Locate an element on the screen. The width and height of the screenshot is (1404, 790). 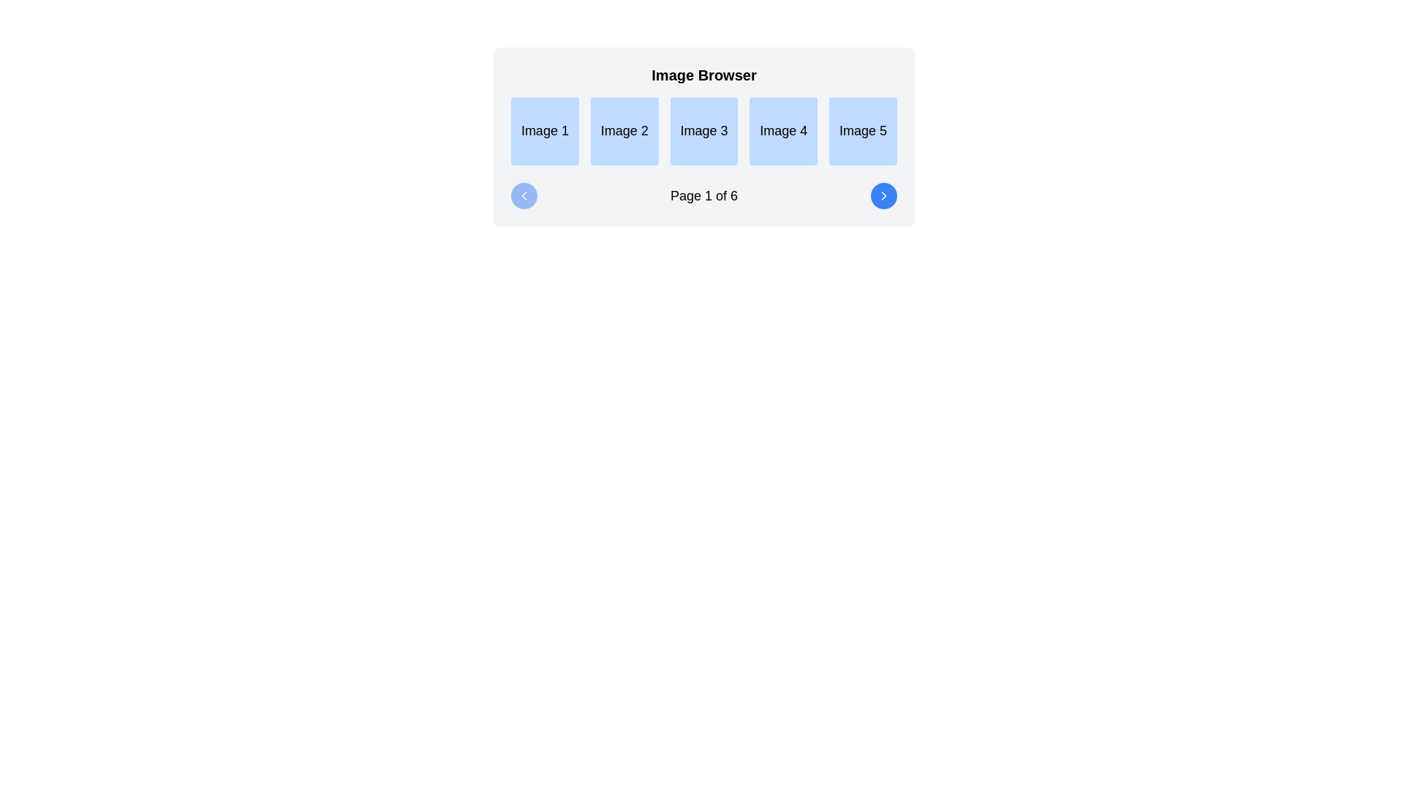
the selectable image placeholder labeled '4', which is the fourth box in a row of five boxes, located to the right of 'Image 3' and to the left of 'Image 5' is located at coordinates (782, 130).